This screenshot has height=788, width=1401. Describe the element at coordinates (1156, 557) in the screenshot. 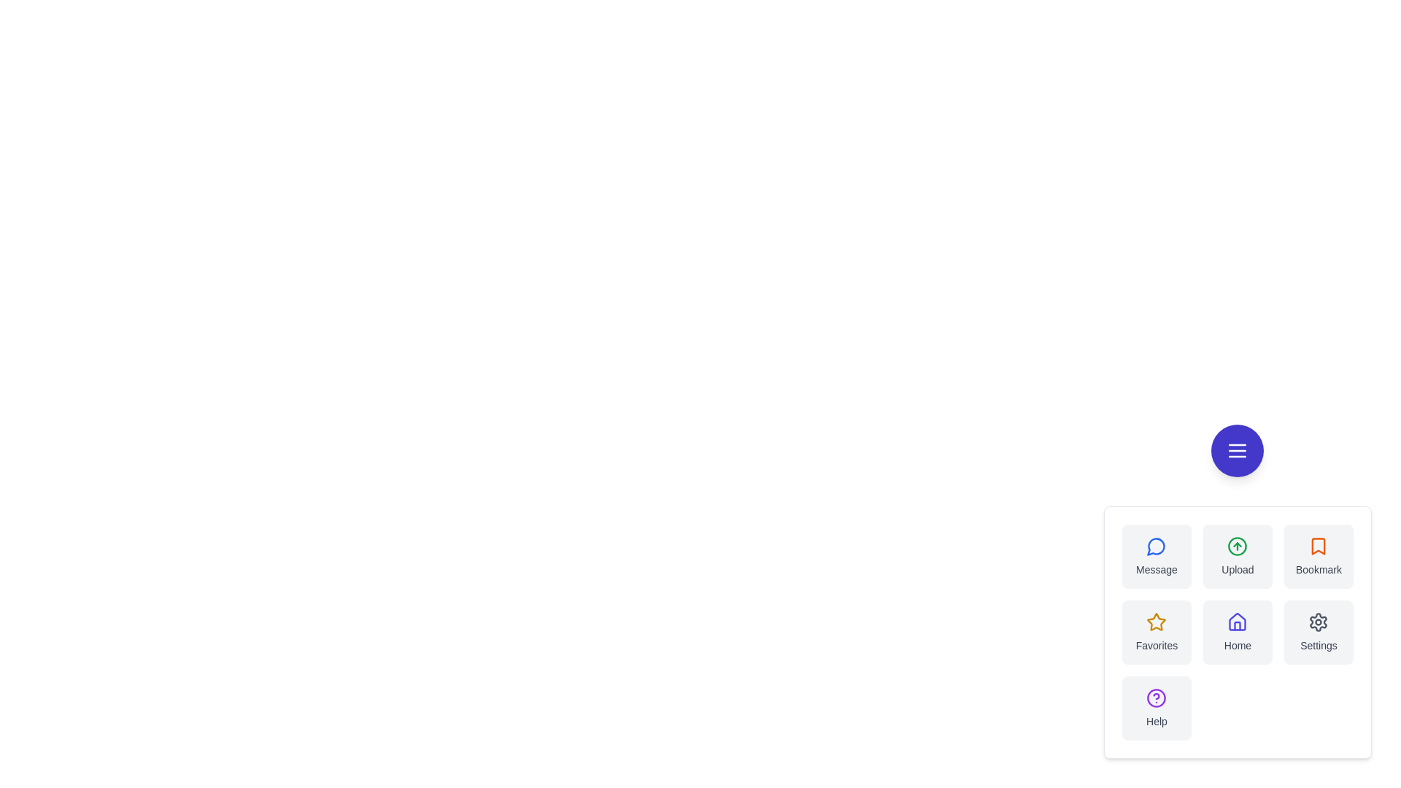

I see `the Message button in the speed dial menu` at that location.